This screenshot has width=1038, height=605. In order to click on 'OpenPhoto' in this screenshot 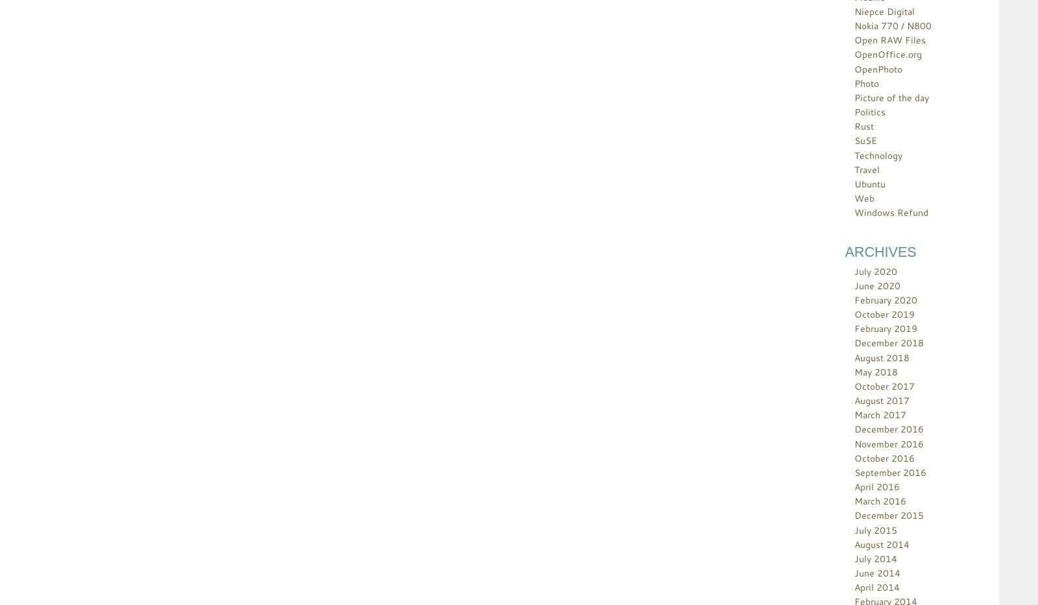, I will do `click(877, 67)`.